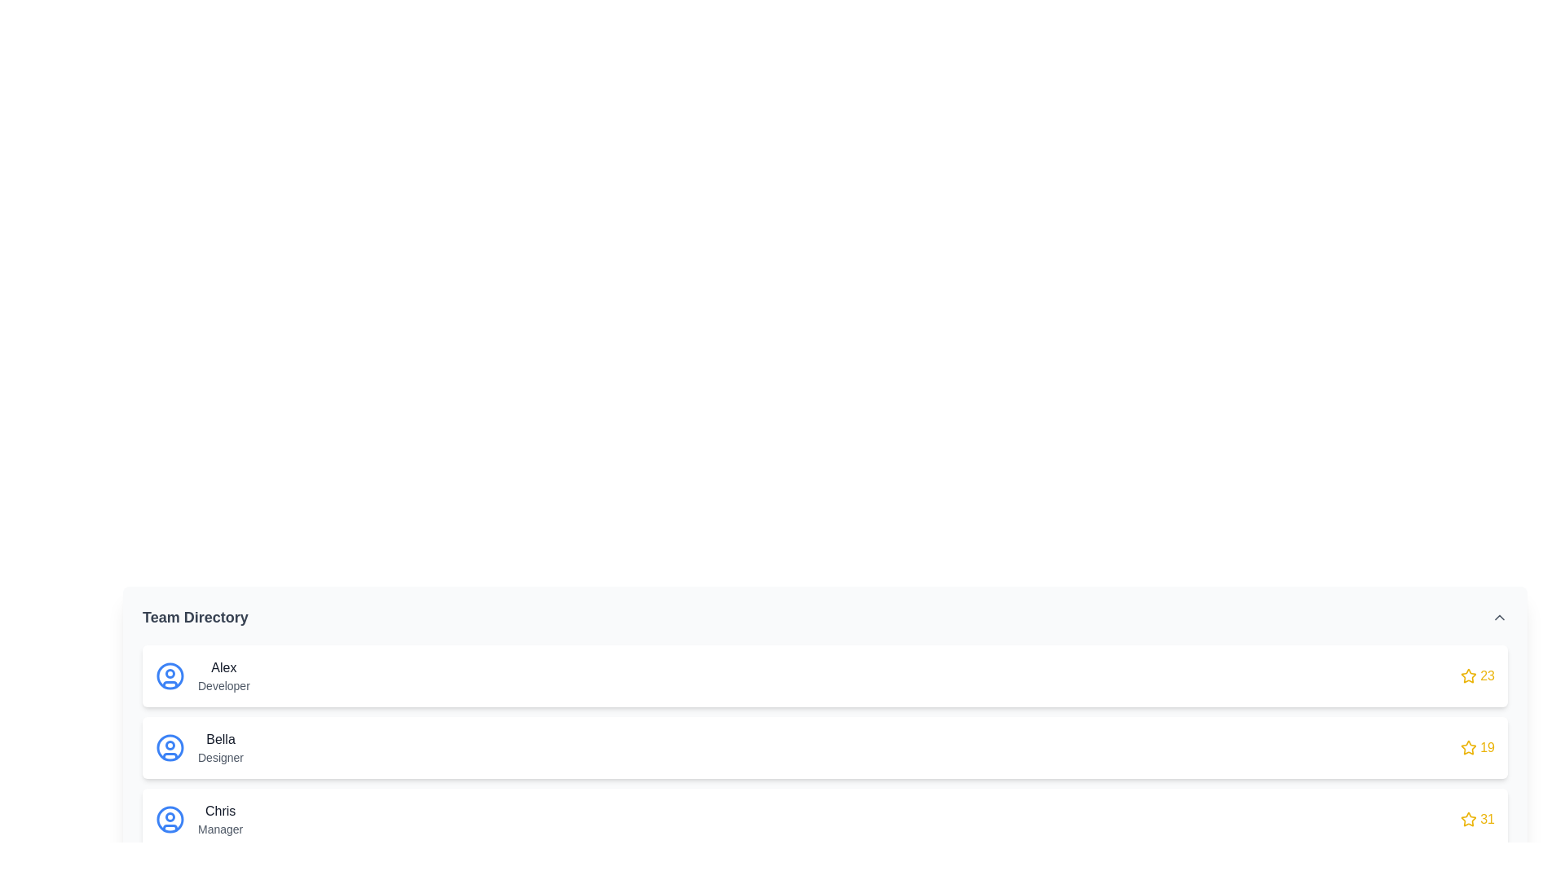  What do you see at coordinates (201, 675) in the screenshot?
I see `the 'Alex' text label in the user profile card located in the first row of the list, styled with a white background and shadow effects` at bounding box center [201, 675].